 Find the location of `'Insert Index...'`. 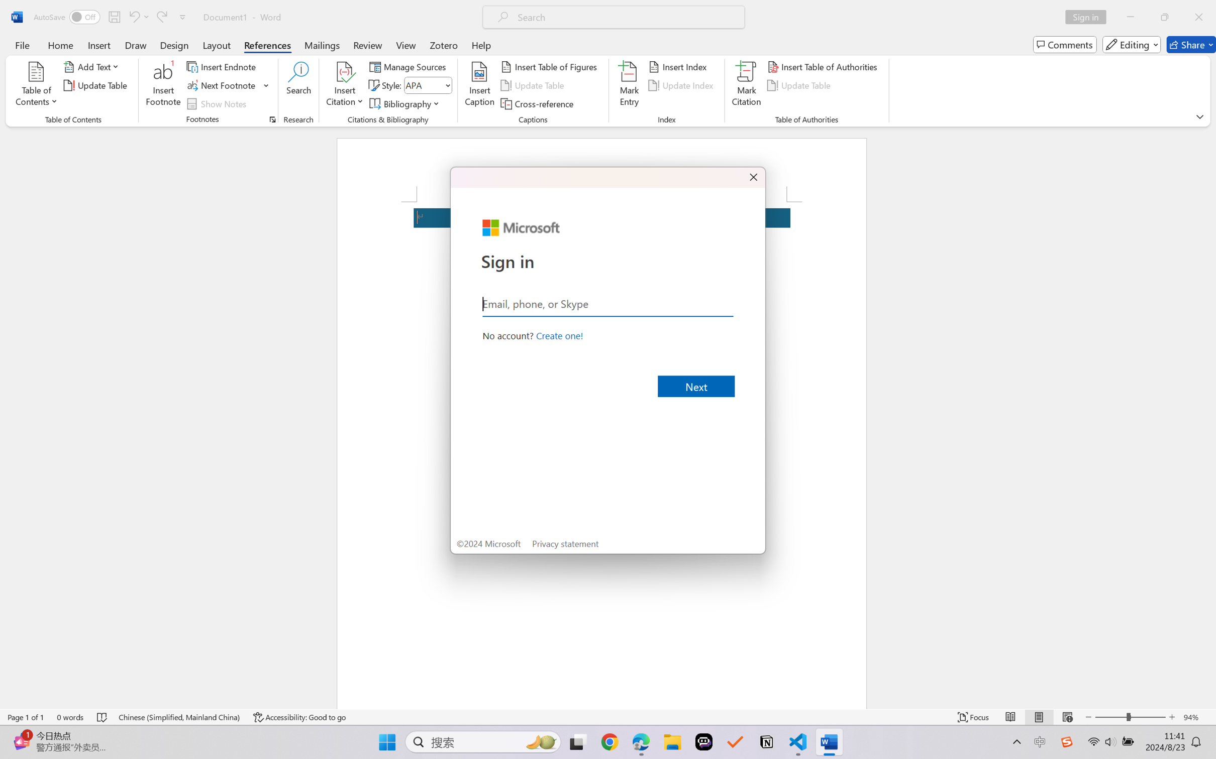

'Insert Index...' is located at coordinates (678, 66).